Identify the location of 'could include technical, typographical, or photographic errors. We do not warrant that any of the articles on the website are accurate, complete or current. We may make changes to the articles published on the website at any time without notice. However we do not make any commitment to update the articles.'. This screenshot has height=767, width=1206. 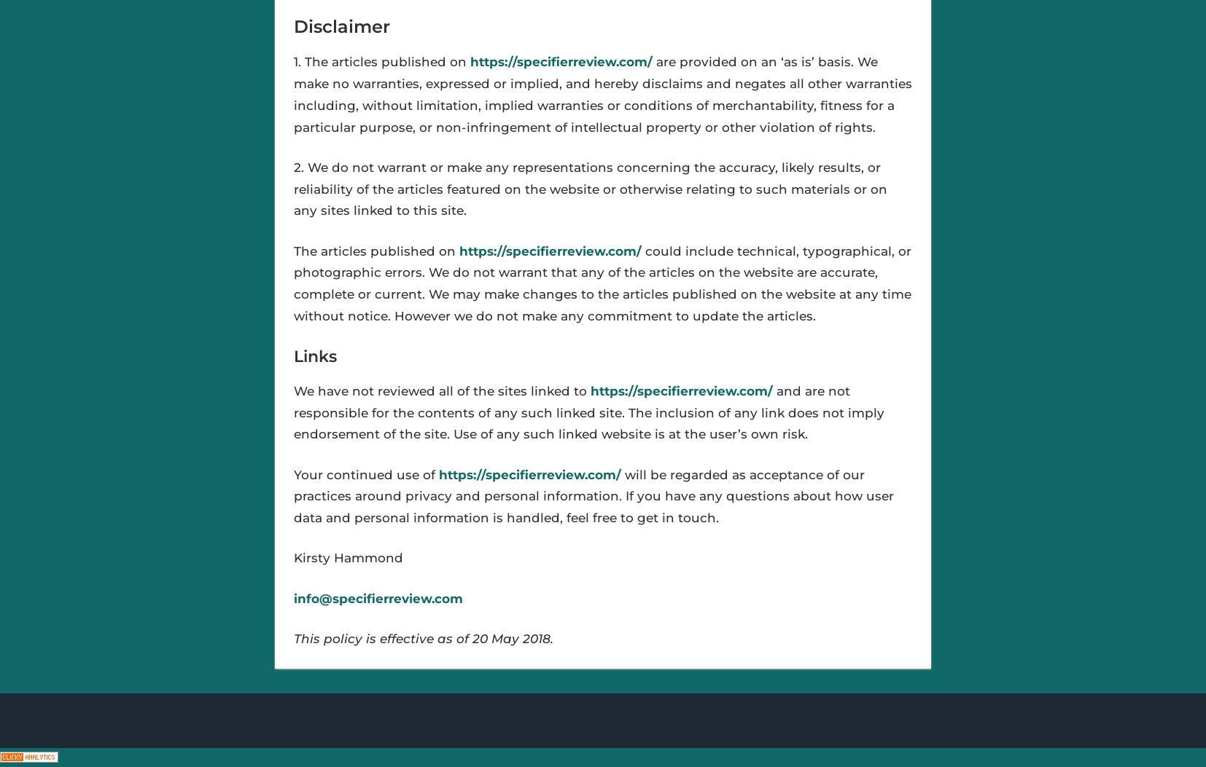
(602, 283).